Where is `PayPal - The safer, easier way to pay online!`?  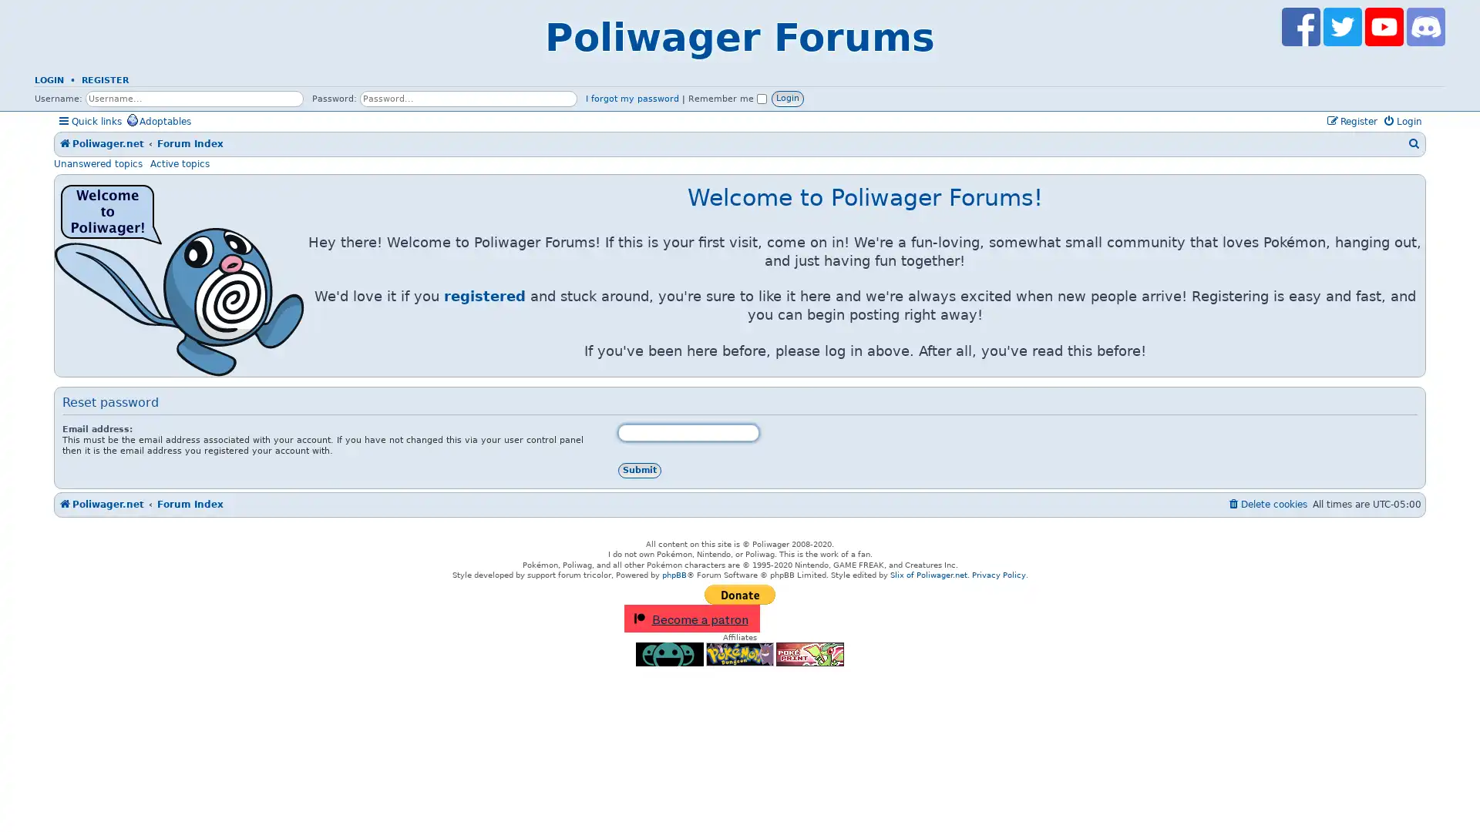 PayPal - The safer, easier way to pay online! is located at coordinates (740, 593).